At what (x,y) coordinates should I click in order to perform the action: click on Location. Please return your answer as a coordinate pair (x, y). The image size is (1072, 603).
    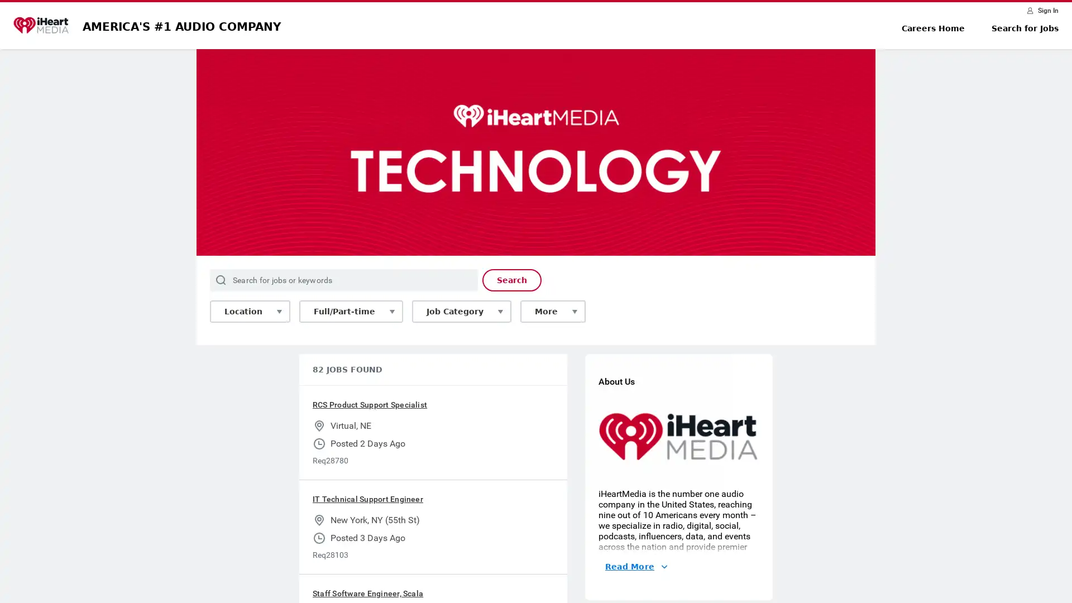
    Looking at the image, I should click on (246, 312).